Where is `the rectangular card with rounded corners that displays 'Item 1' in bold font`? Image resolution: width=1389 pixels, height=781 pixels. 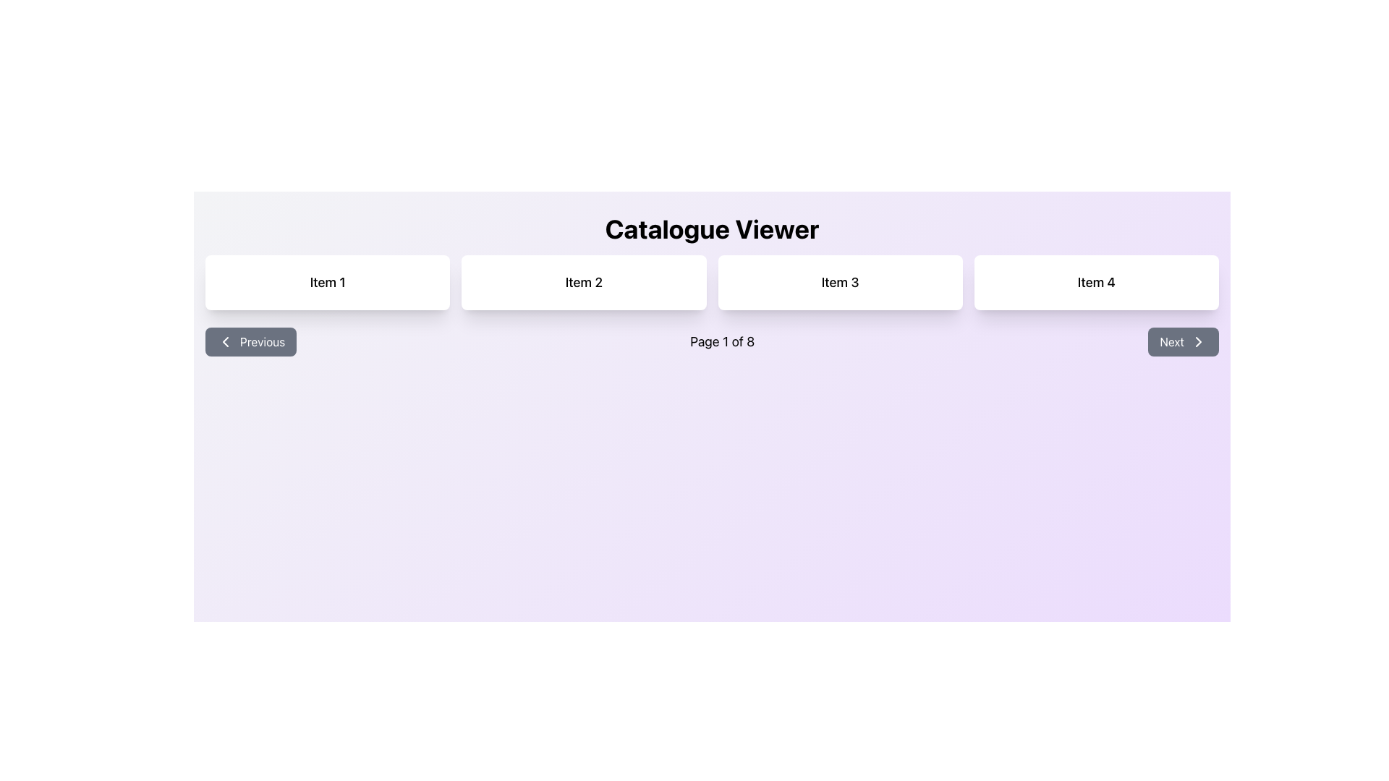 the rectangular card with rounded corners that displays 'Item 1' in bold font is located at coordinates (327, 282).